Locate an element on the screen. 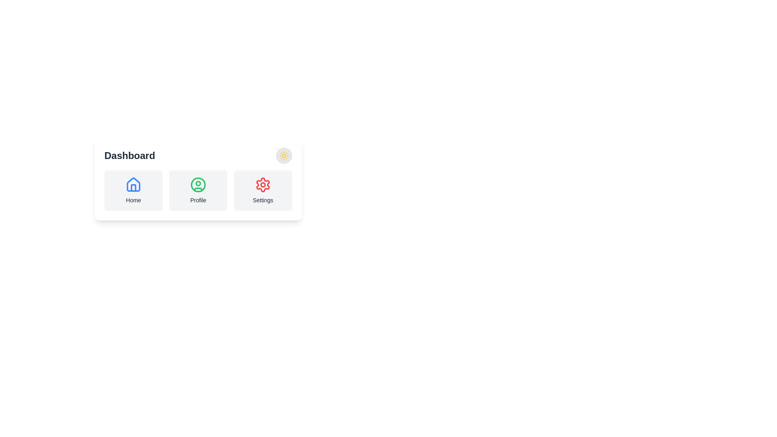 The image size is (777, 437). the 'Profile' button in the navigation menu is located at coordinates (198, 190).